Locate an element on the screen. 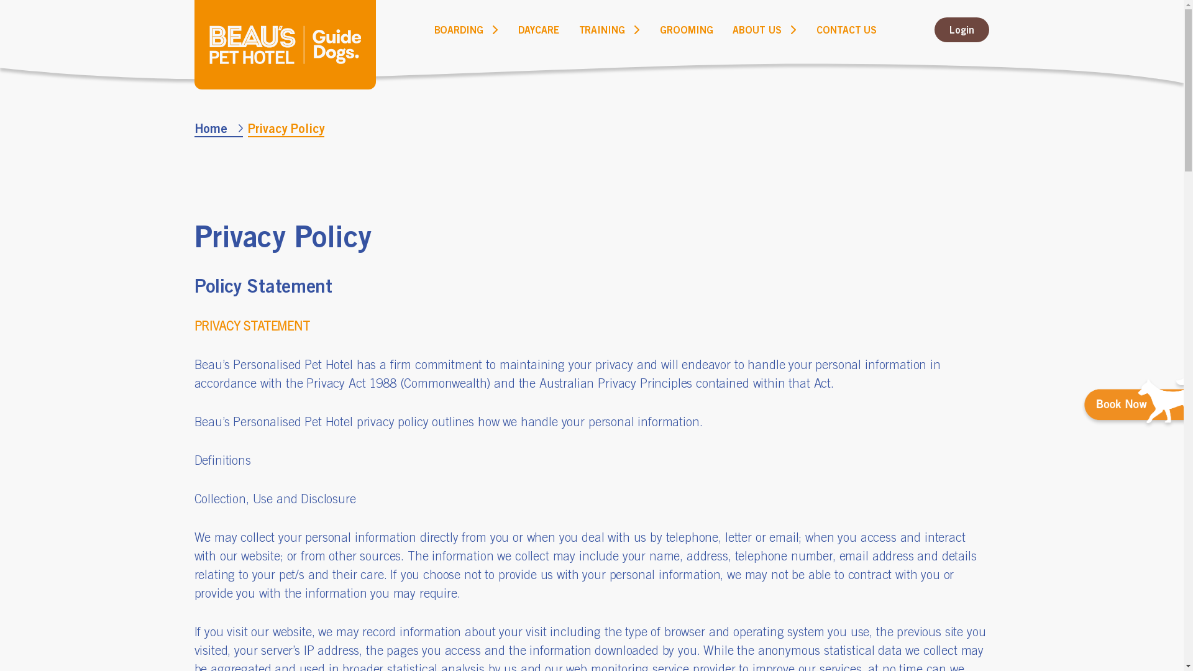  'BOARDING' is located at coordinates (459, 29).